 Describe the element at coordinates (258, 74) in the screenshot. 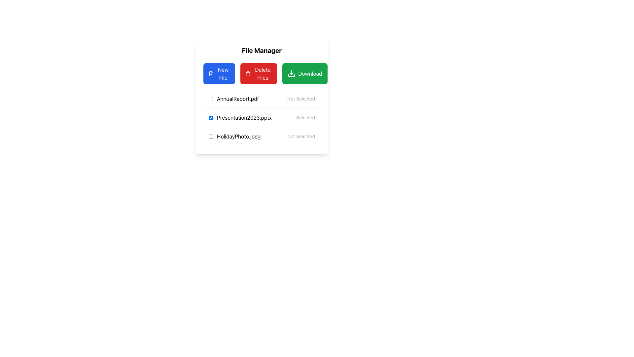

I see `the medium-sized rectangular button with a red background labeled 'Delete Files' to observe any hover effects` at that location.